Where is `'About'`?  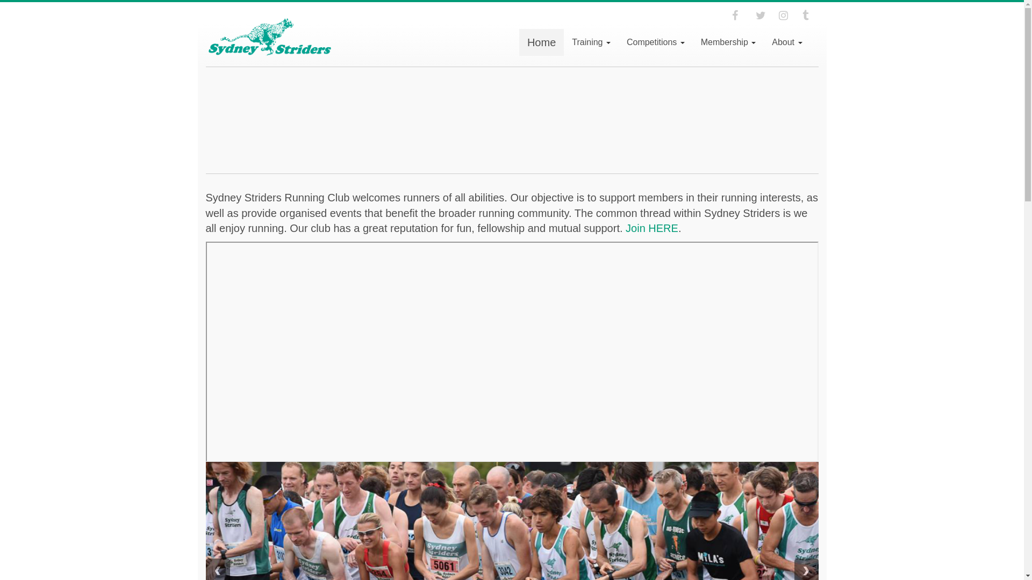
'About' is located at coordinates (787, 41).